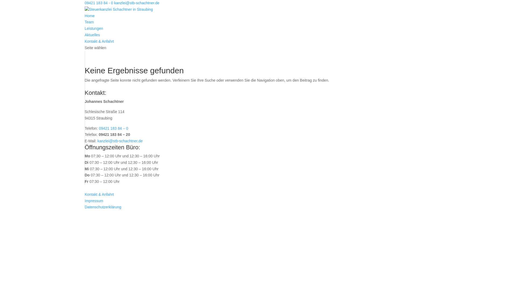 This screenshot has height=290, width=516. Describe the element at coordinates (99, 3) in the screenshot. I see `'09421 183 84 - 0'` at that location.